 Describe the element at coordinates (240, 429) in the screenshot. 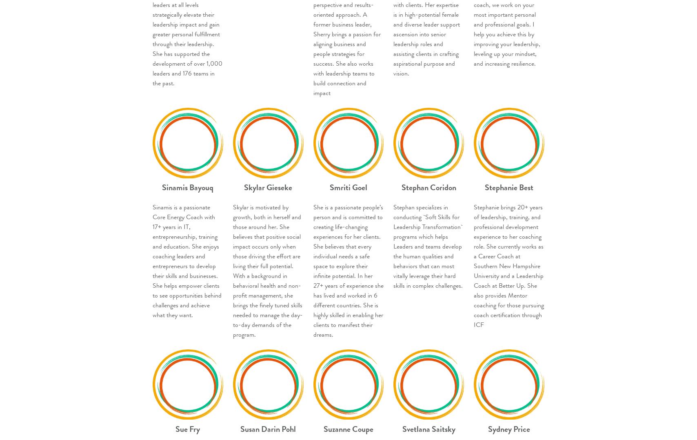

I see `'Susan Darin Pohl'` at that location.